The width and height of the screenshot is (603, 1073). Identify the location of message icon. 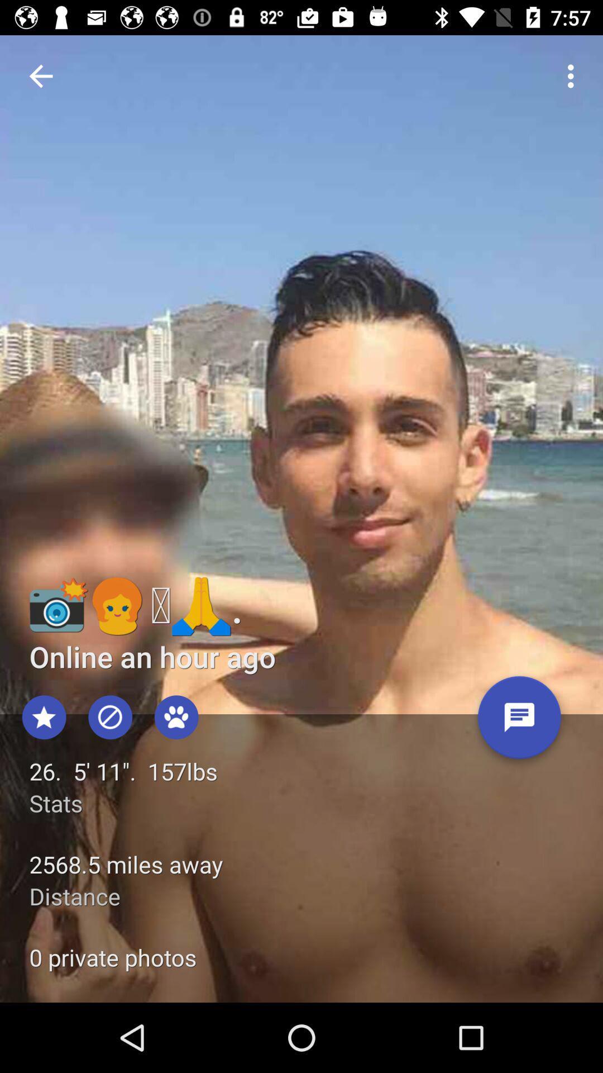
(519, 721).